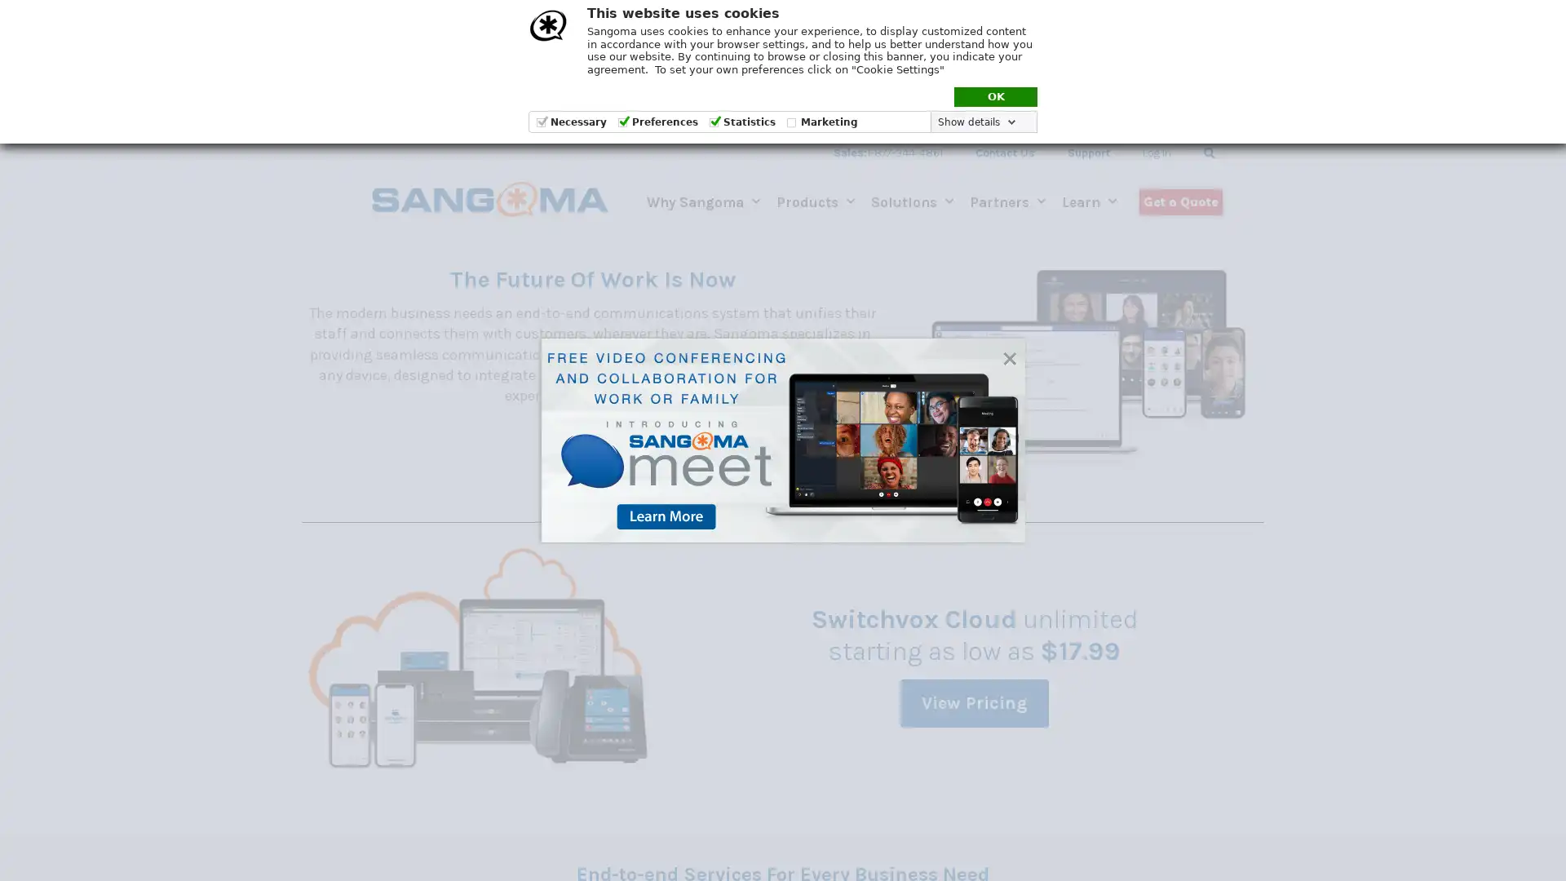 The height and width of the screenshot is (881, 1566). What do you see at coordinates (1181, 200) in the screenshot?
I see `Get a Quote` at bounding box center [1181, 200].